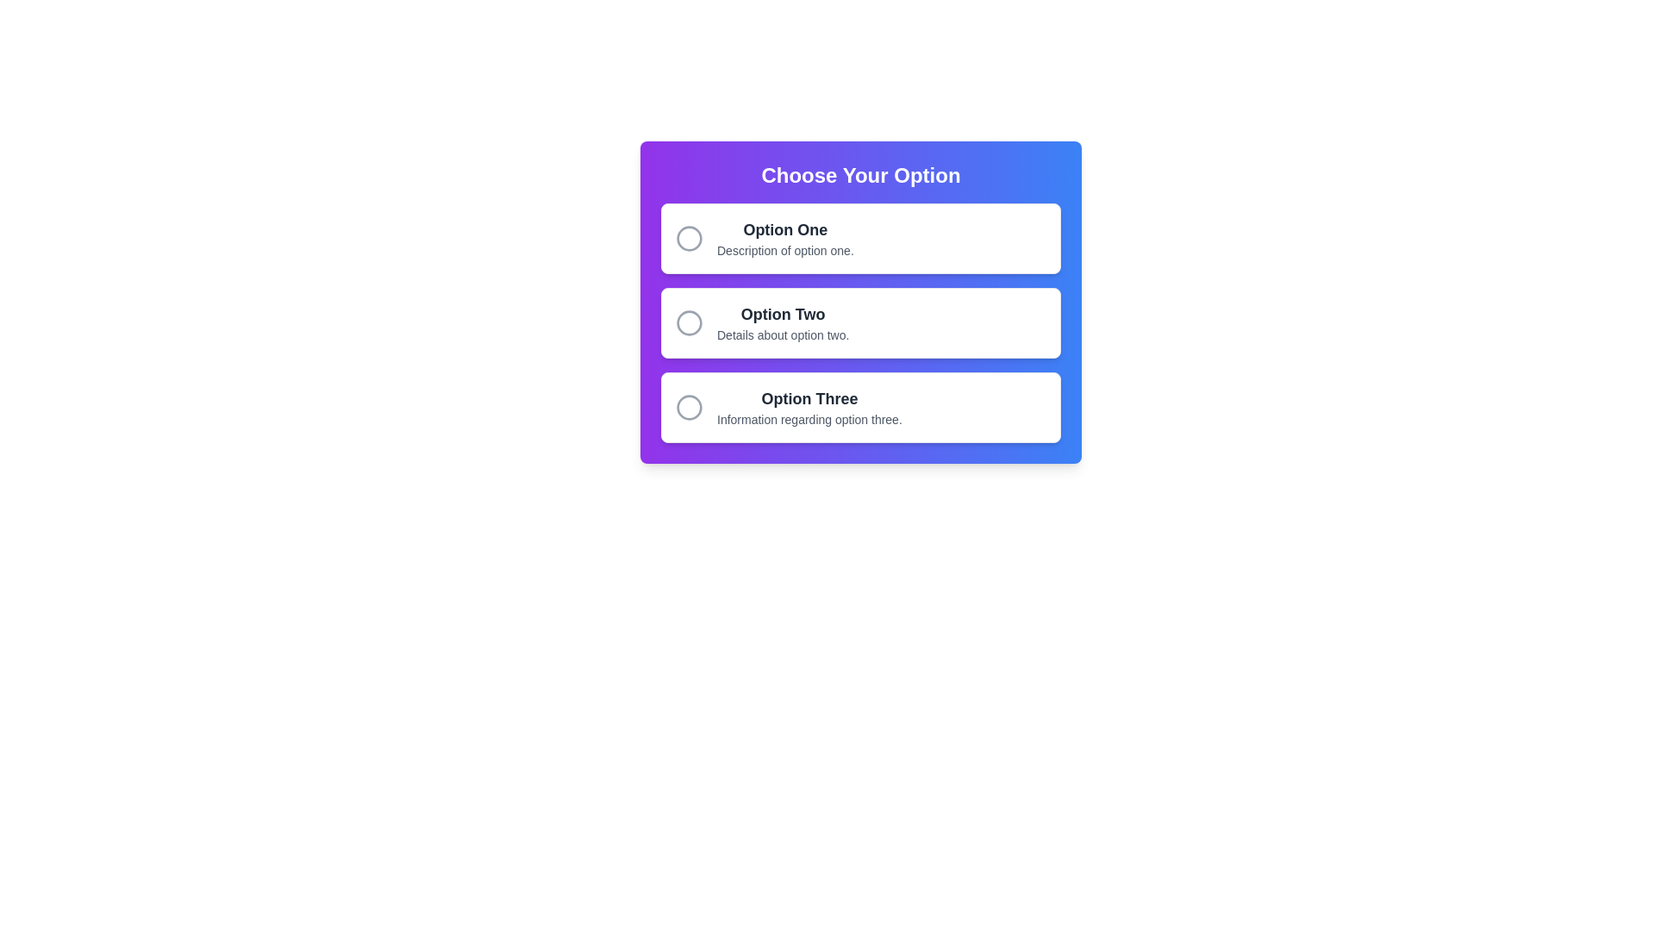 The width and height of the screenshot is (1655, 931). What do you see at coordinates (690, 408) in the screenshot?
I see `the inactive radio button outline representing the third option in the vertical list` at bounding box center [690, 408].